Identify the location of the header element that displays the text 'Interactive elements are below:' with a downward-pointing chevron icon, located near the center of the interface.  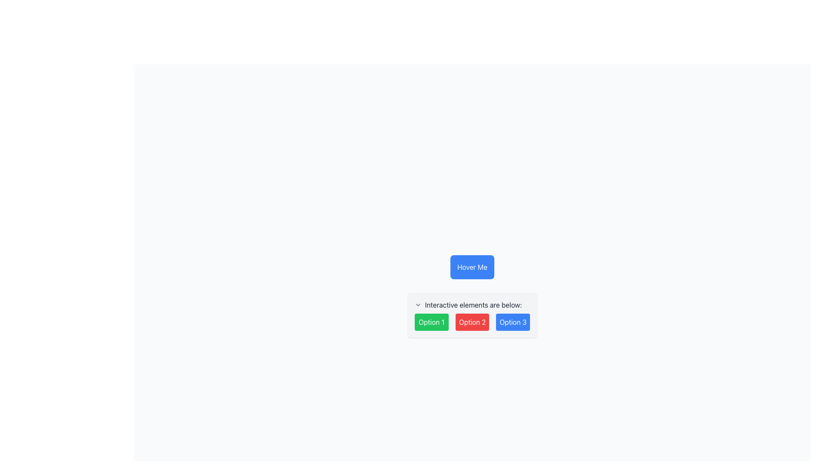
(472, 304).